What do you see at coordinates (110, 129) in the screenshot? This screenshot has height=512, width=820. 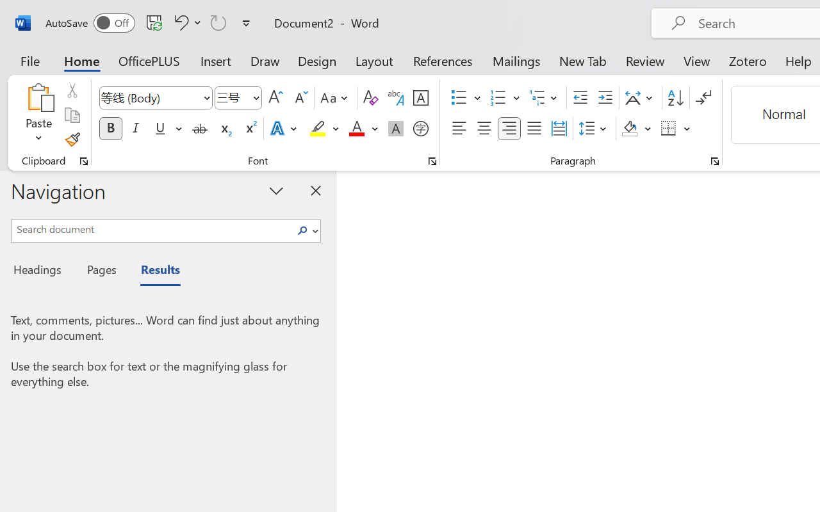 I see `'Bold'` at bounding box center [110, 129].